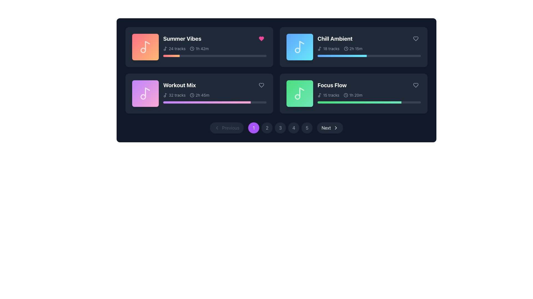  What do you see at coordinates (369, 56) in the screenshot?
I see `the completion percentage of the Progress Bar for the 'Chill Ambient' playlist, located below the textual elements '18 tracks' and '2h 15m'` at bounding box center [369, 56].